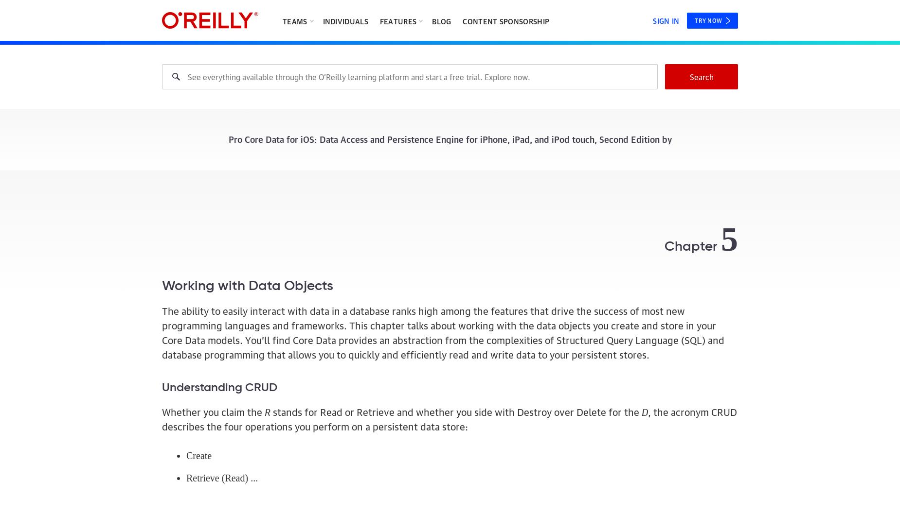 Image resolution: width=900 pixels, height=514 pixels. I want to click on 'stands for Read or Retrieve and whether you side with Destroy over Delete for the', so click(270, 410).